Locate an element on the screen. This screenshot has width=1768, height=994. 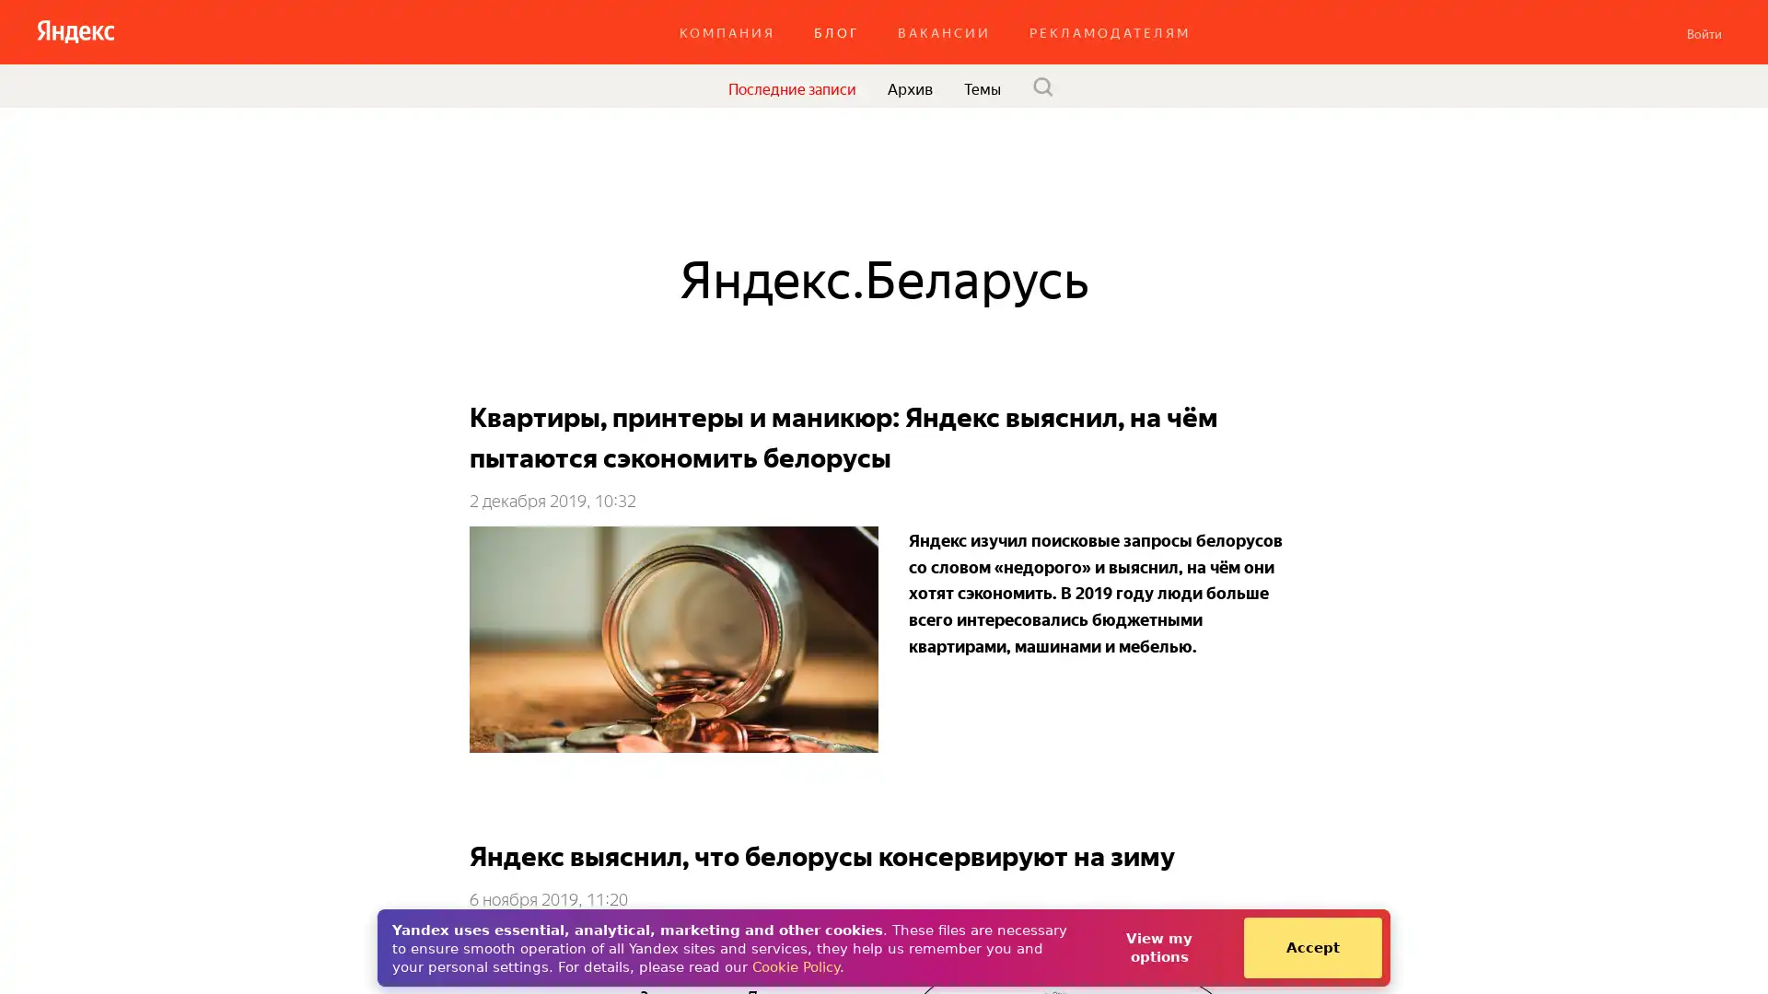
Accept is located at coordinates (1311, 947).